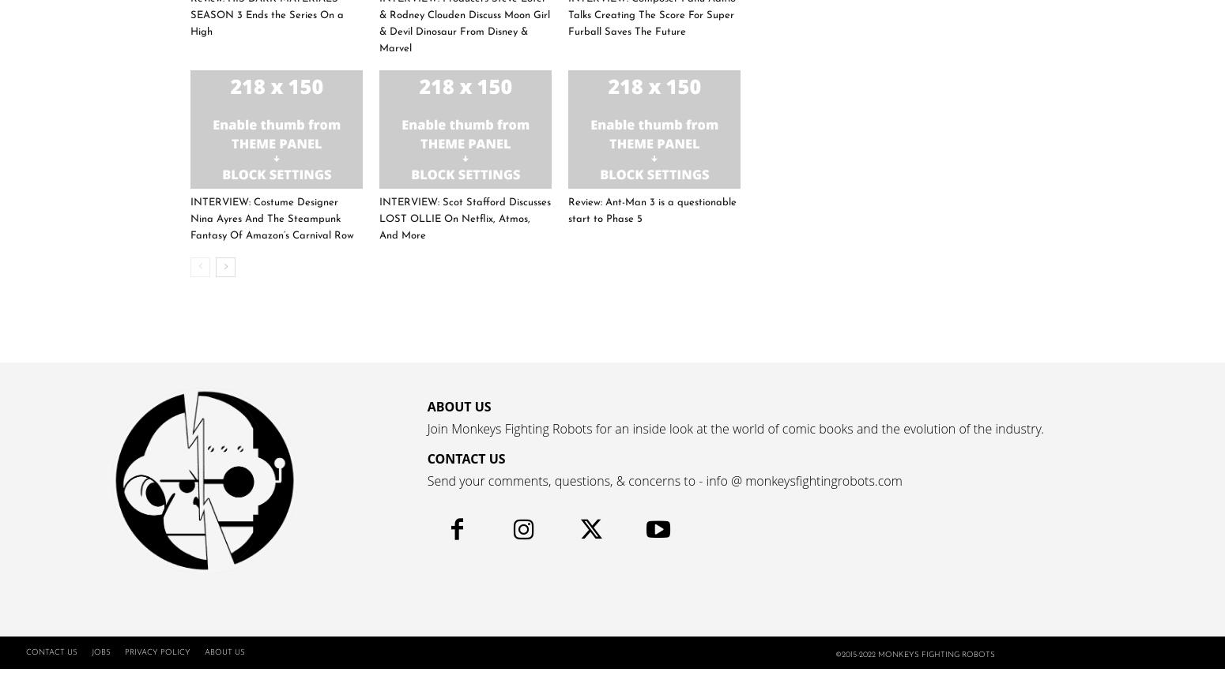  I want to click on 'ABOUT US', so click(458, 406).